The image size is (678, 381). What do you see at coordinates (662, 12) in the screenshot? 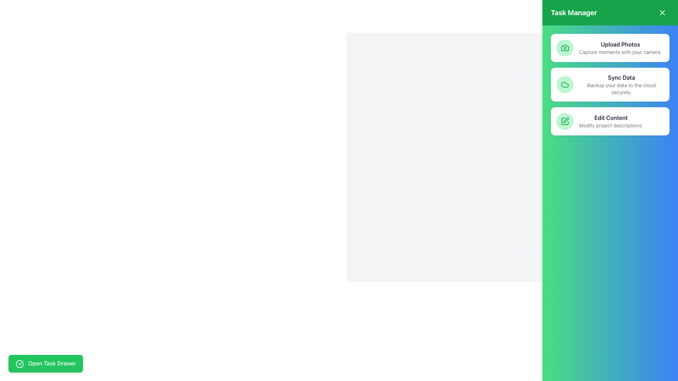
I see `the close button located in the top-right corner of the Task Manager panel's green header section, adjacent to the 'Task Manager' text` at bounding box center [662, 12].